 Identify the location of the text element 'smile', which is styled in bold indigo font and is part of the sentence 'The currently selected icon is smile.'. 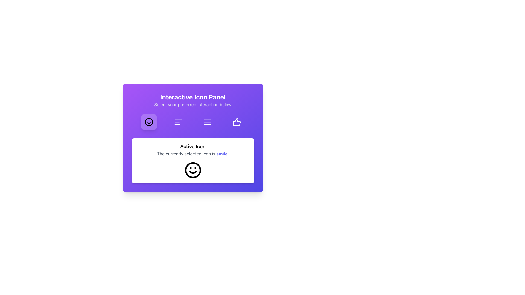
(221, 154).